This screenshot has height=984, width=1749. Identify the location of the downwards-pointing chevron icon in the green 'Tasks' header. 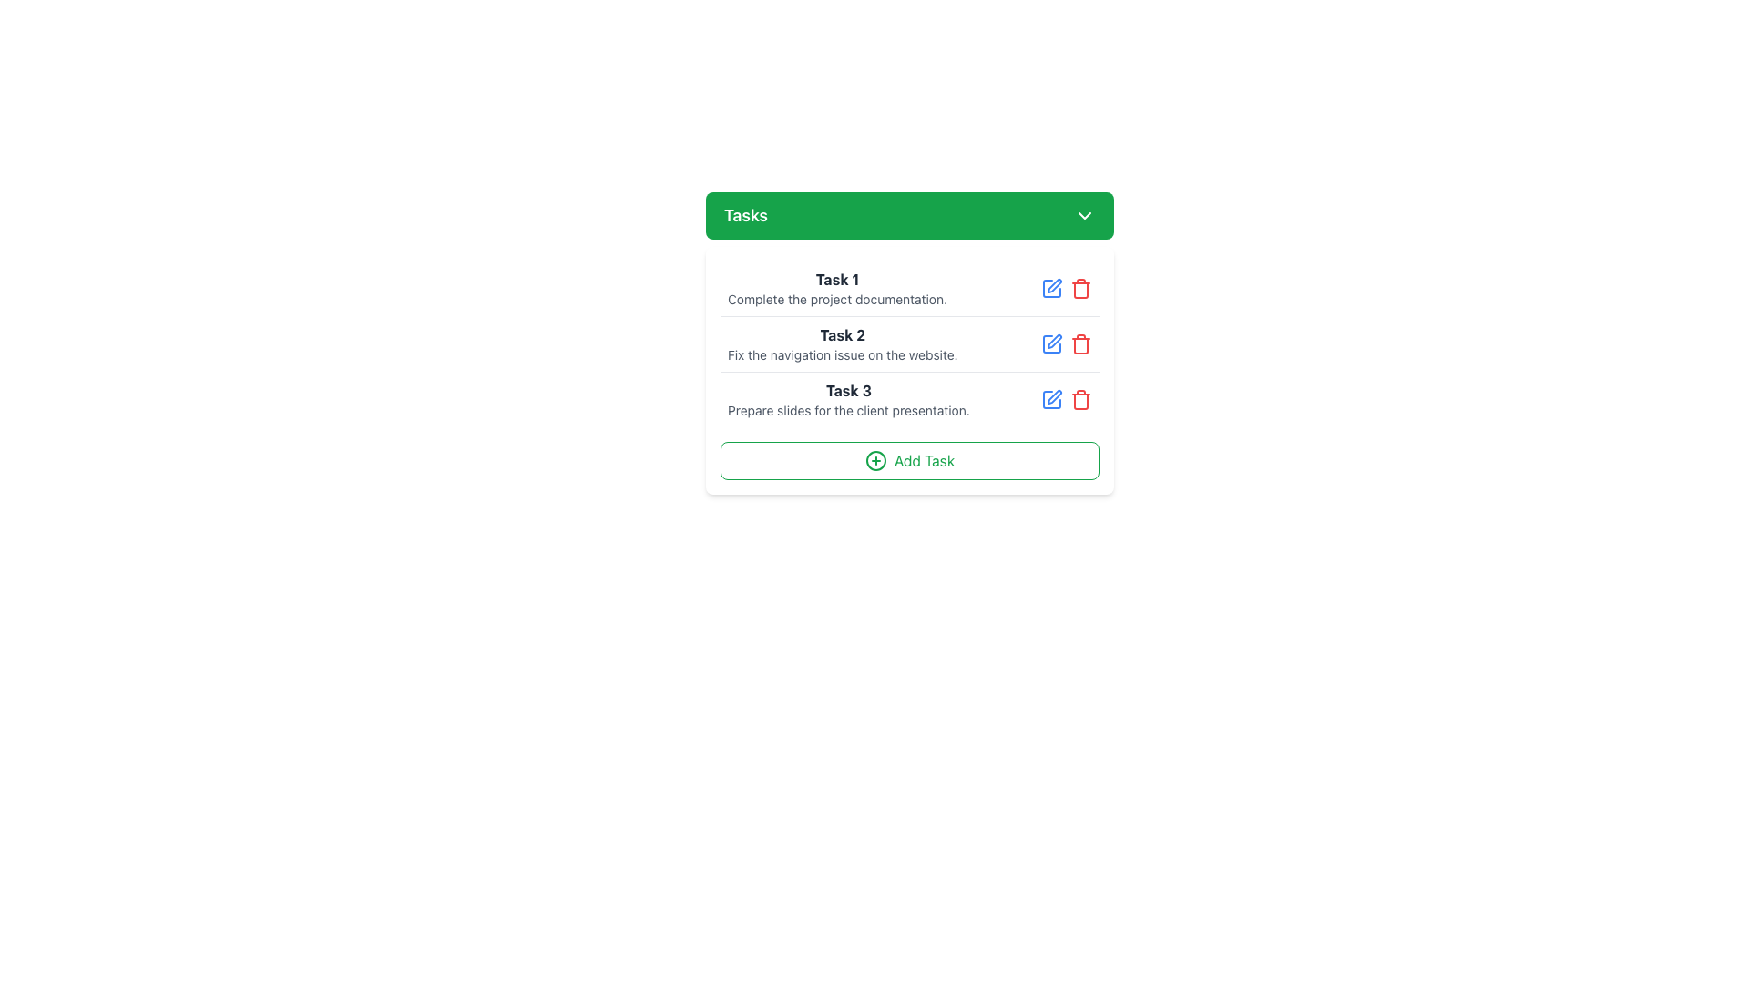
(1084, 214).